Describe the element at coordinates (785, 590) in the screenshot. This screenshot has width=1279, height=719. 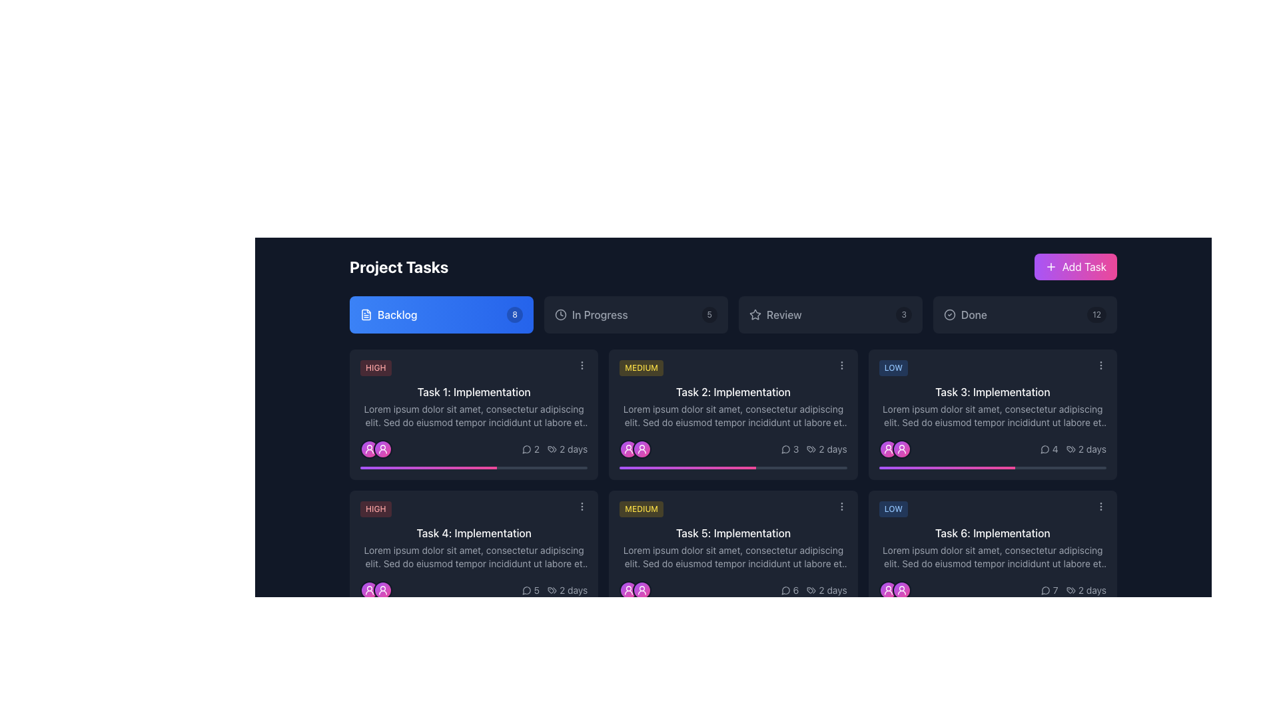
I see `the circular speech bubble icon in the lower-right corner of the card labeled 'Task 5: Implementation'` at that location.